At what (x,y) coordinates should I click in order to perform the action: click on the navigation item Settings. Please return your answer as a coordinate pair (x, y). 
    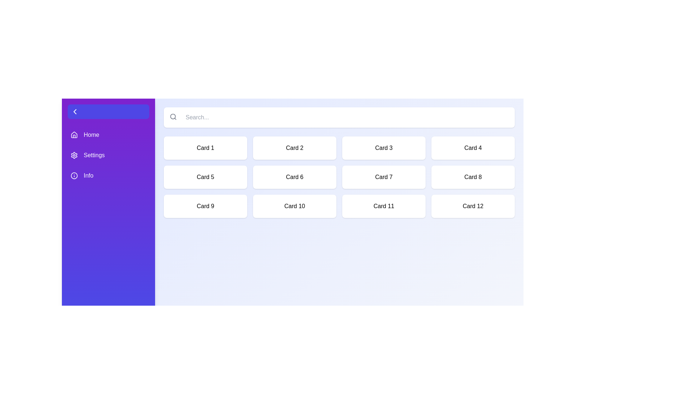
    Looking at the image, I should click on (108, 155).